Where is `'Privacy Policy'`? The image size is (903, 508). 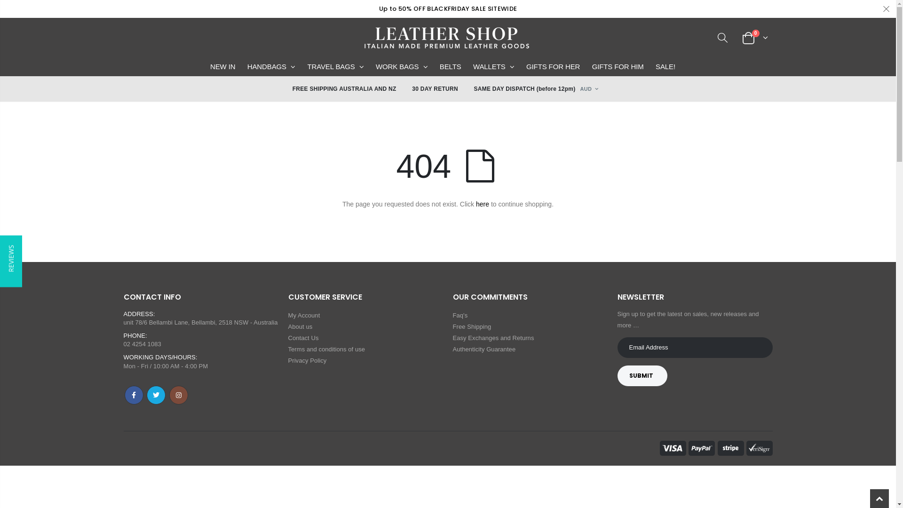
'Privacy Policy' is located at coordinates (307, 360).